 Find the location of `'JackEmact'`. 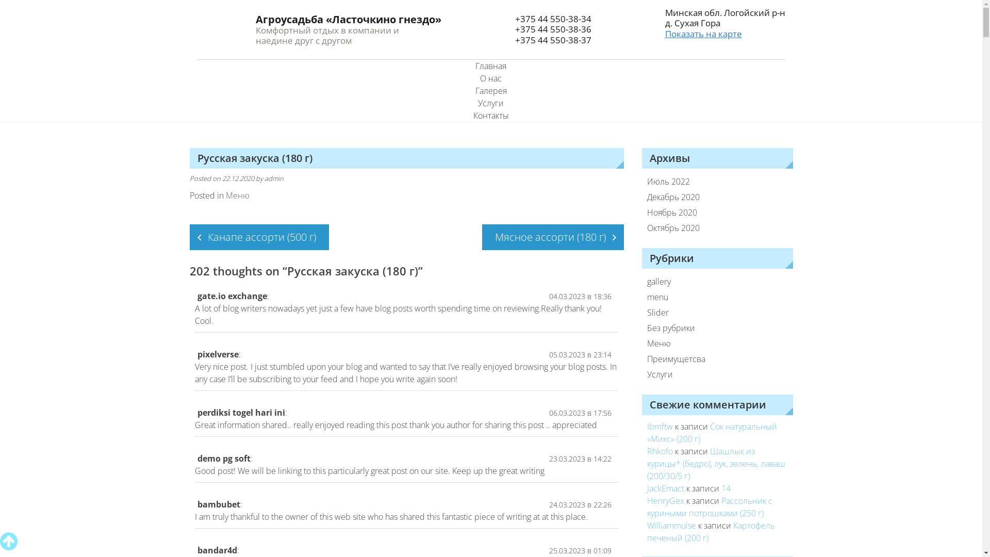

'JackEmact' is located at coordinates (666, 488).